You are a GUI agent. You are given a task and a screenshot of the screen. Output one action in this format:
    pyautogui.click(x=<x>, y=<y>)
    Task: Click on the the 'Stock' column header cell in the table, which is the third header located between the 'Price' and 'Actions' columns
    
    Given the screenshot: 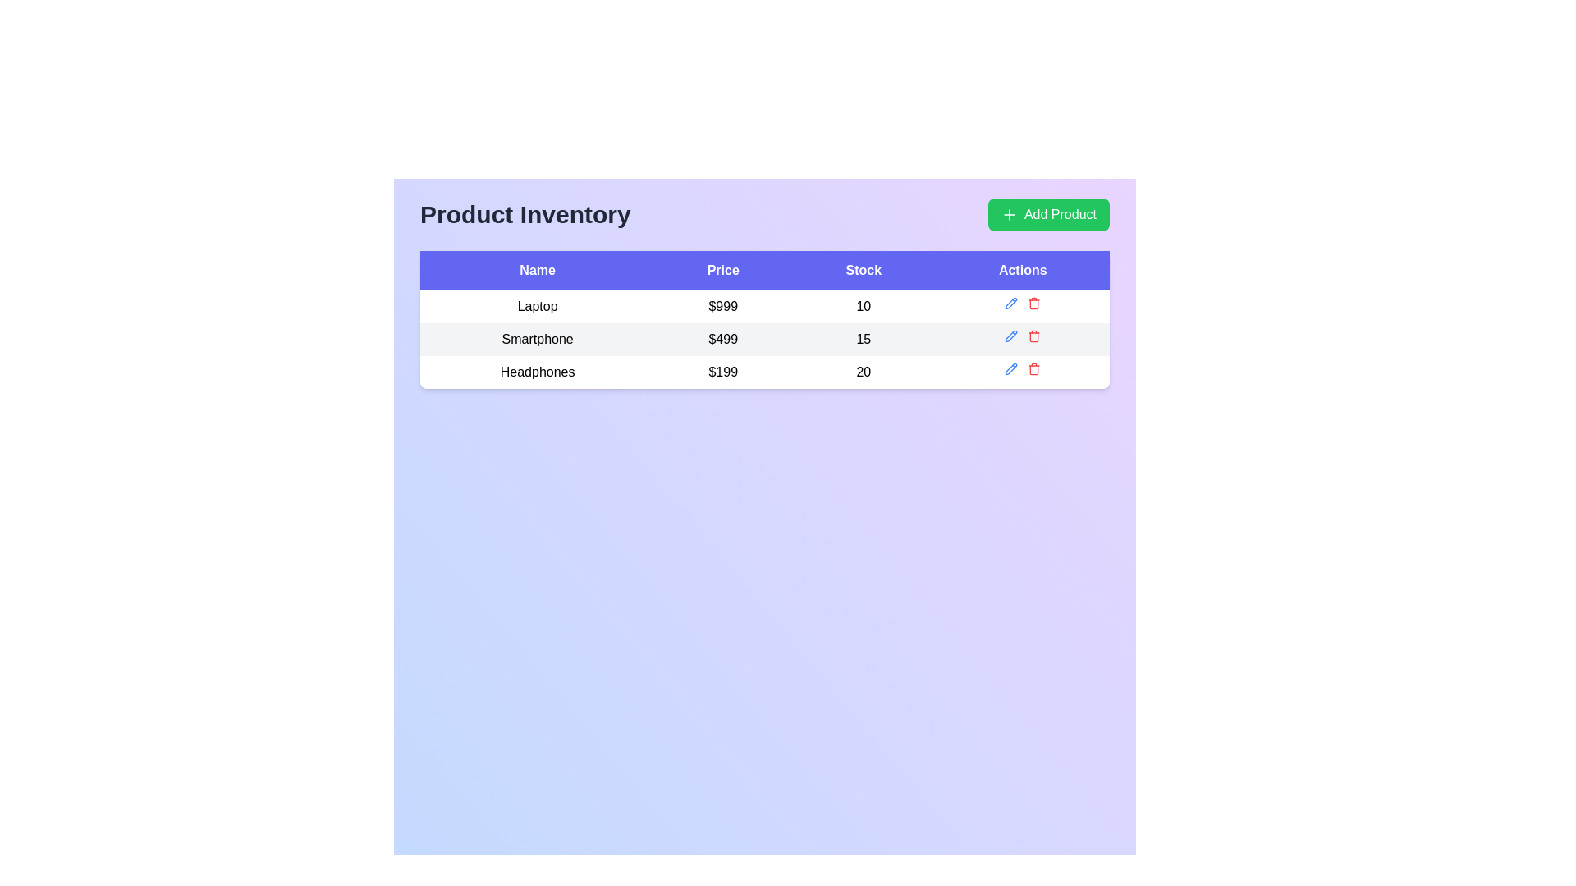 What is the action you would take?
    pyautogui.click(x=863, y=270)
    